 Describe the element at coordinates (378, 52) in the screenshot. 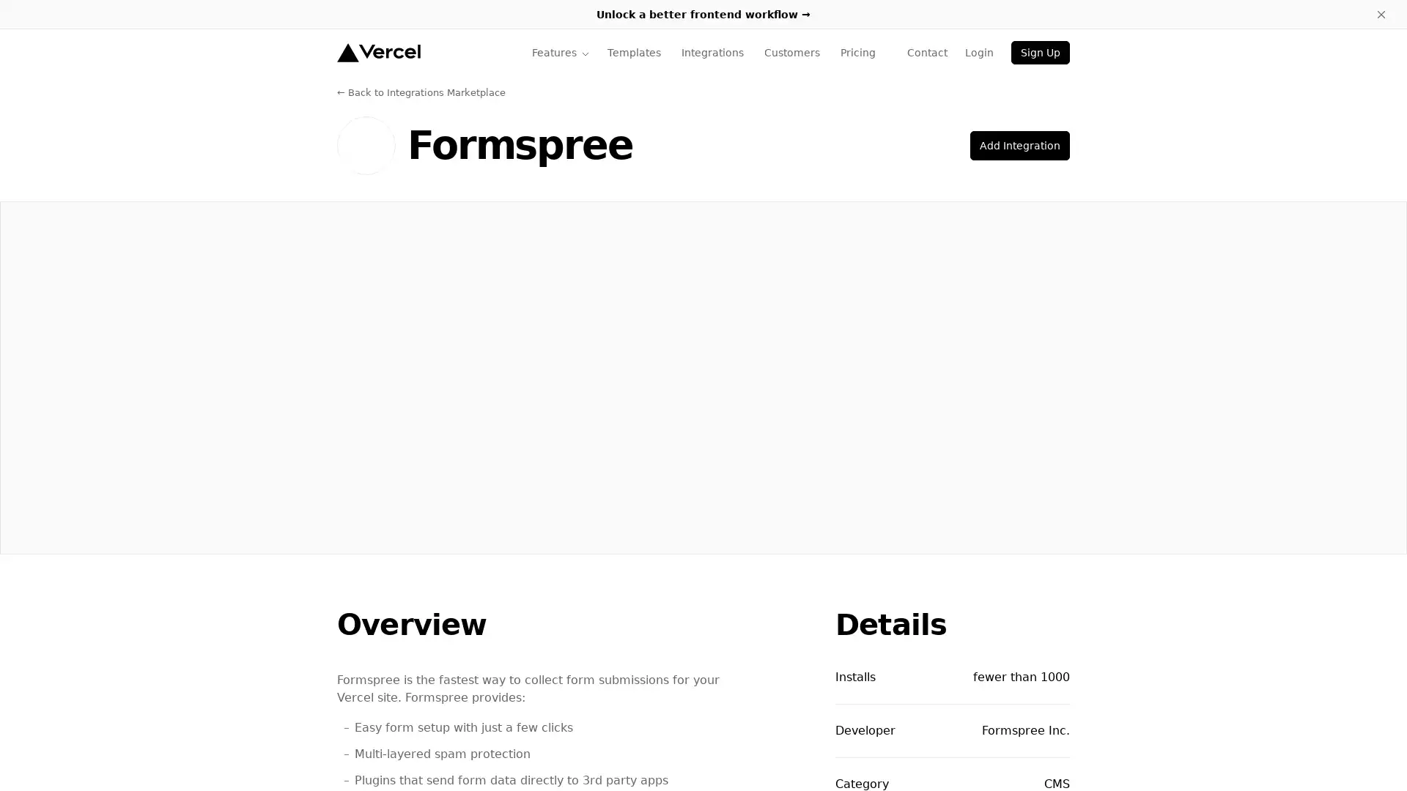

I see `home` at that location.